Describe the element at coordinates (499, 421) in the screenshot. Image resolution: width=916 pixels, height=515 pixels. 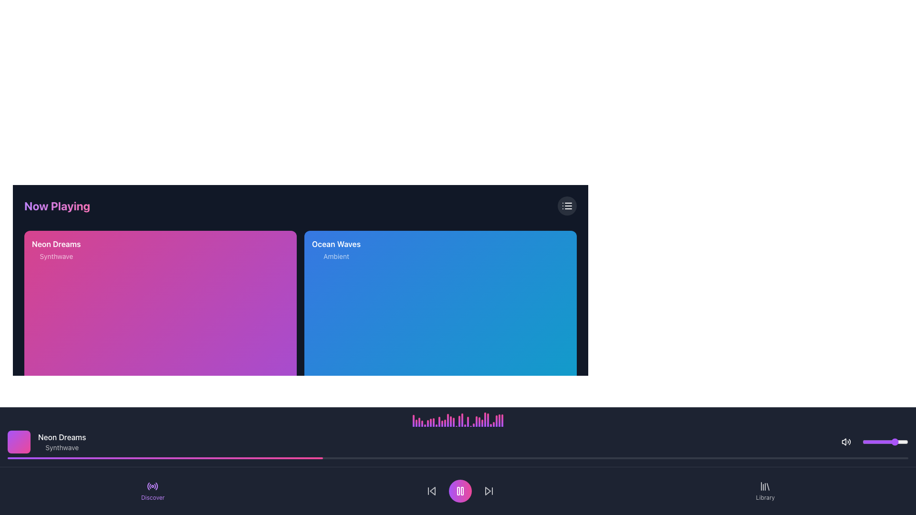
I see `the 31st bar in a horizontal sequence of a bar chart, which represents a data point or metric in the lower section of the interface, above the footer` at that location.